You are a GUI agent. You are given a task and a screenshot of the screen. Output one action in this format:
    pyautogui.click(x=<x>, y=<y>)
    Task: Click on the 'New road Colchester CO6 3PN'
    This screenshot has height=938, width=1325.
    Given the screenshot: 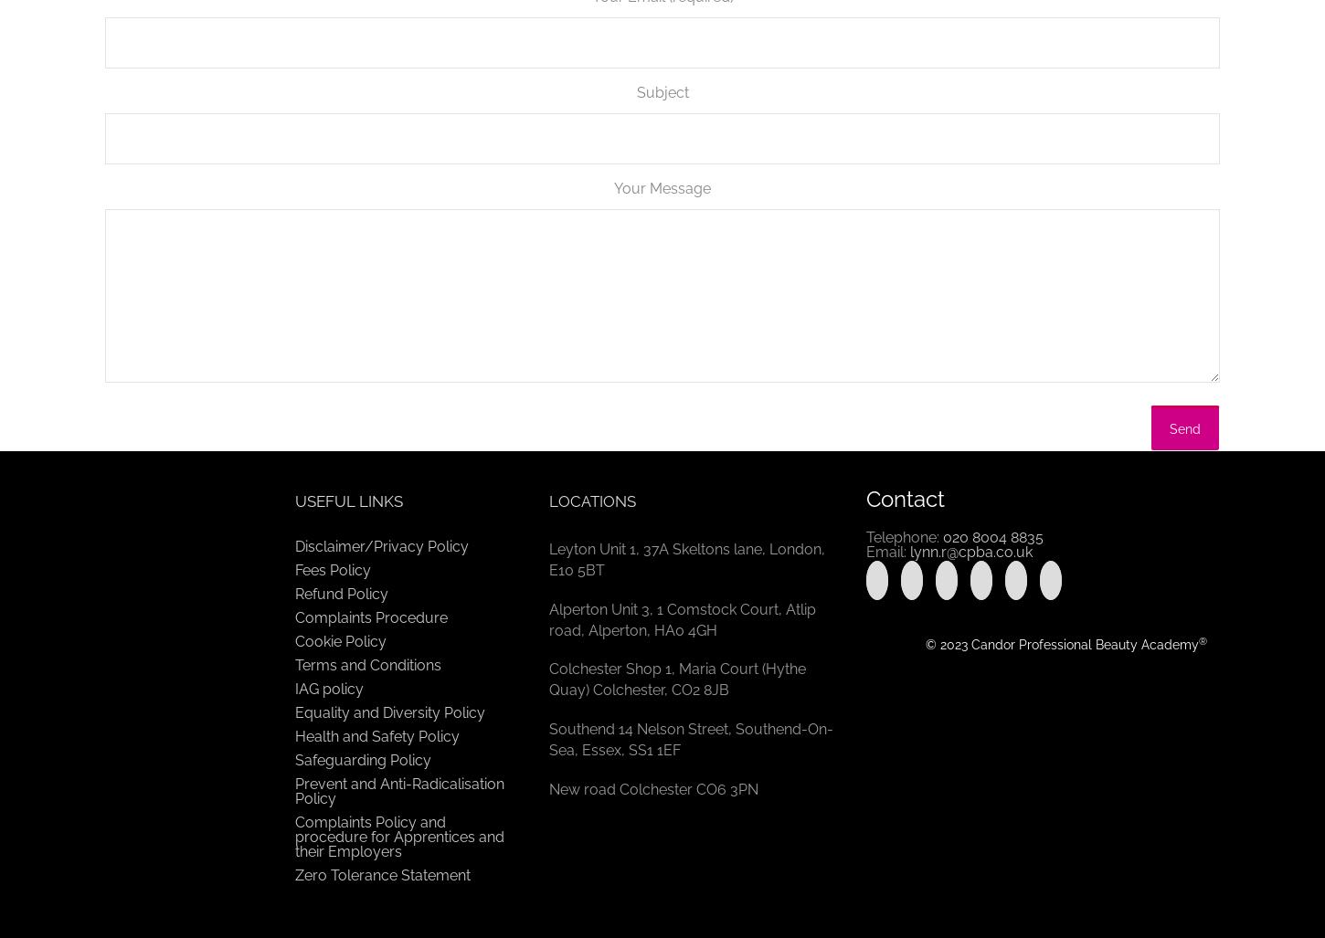 What is the action you would take?
    pyautogui.click(x=549, y=787)
    